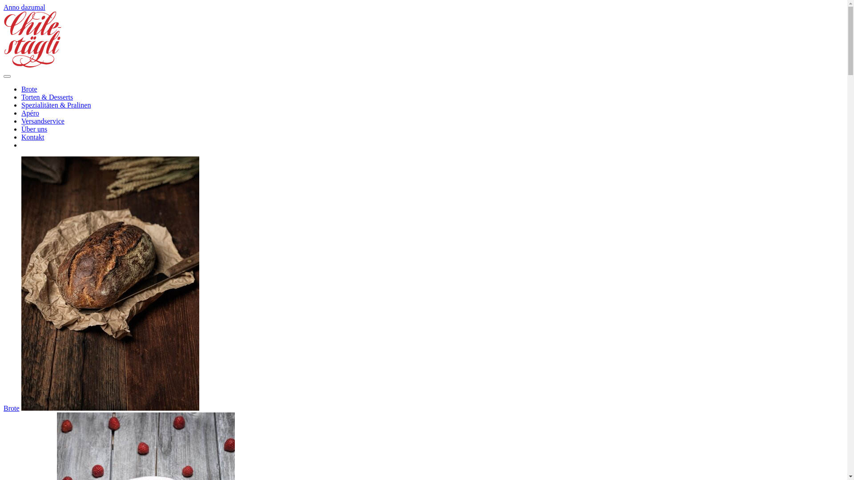  I want to click on 'Versandservice', so click(42, 121).